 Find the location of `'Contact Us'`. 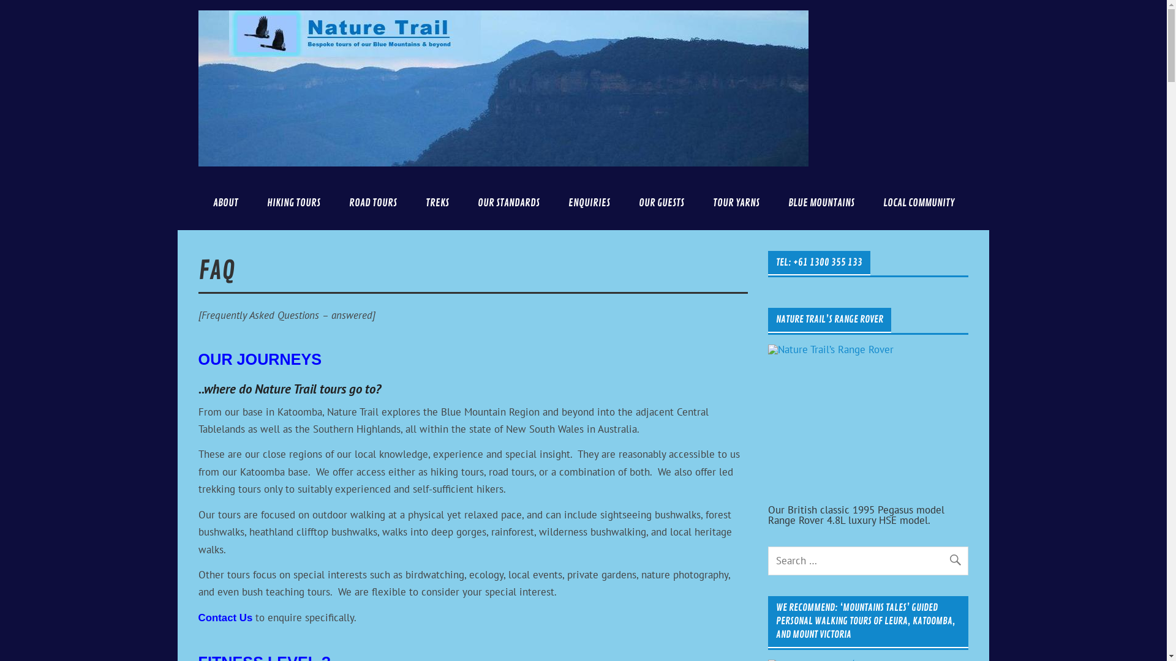

'Contact Us' is located at coordinates (225, 618).